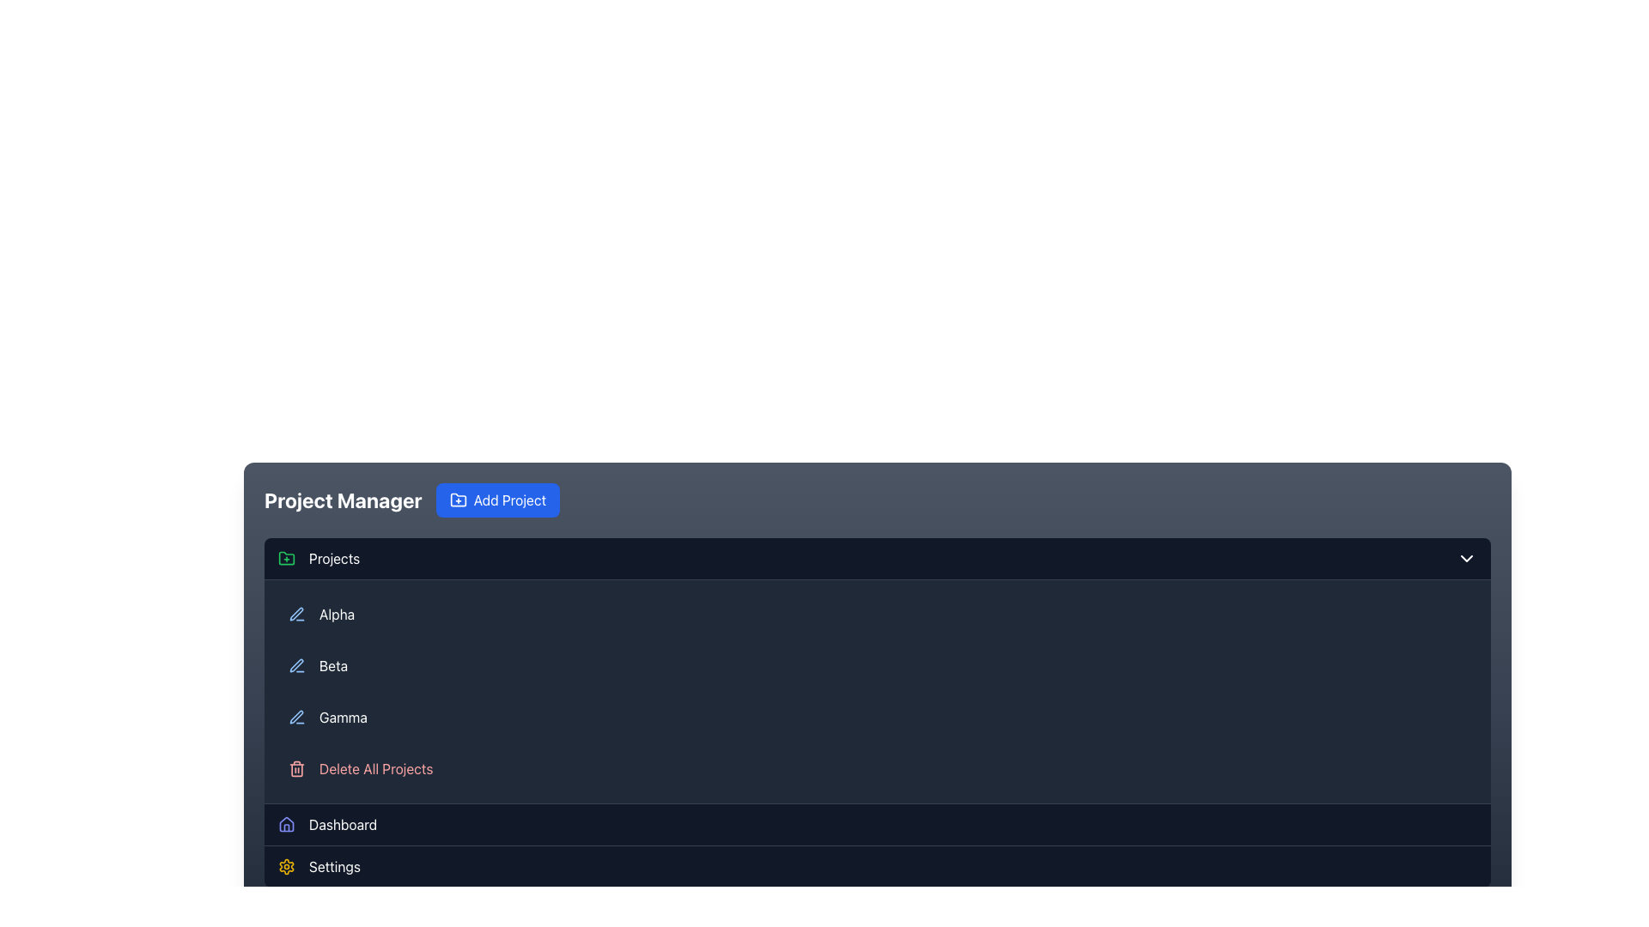  I want to click on the red trash bin icon located to the left of the 'Delete All Projects' text in the button group at the bottom of the 'Projects' section, so click(296, 767).